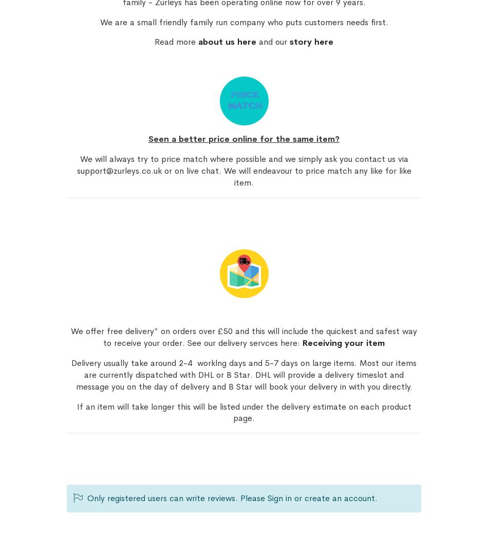 Image resolution: width=488 pixels, height=552 pixels. What do you see at coordinates (71, 336) in the screenshot?
I see `'We offer free delivery* on orders over £50 and this will include the quickest and safest way to receive your order. See our delivery servces here:'` at bounding box center [71, 336].